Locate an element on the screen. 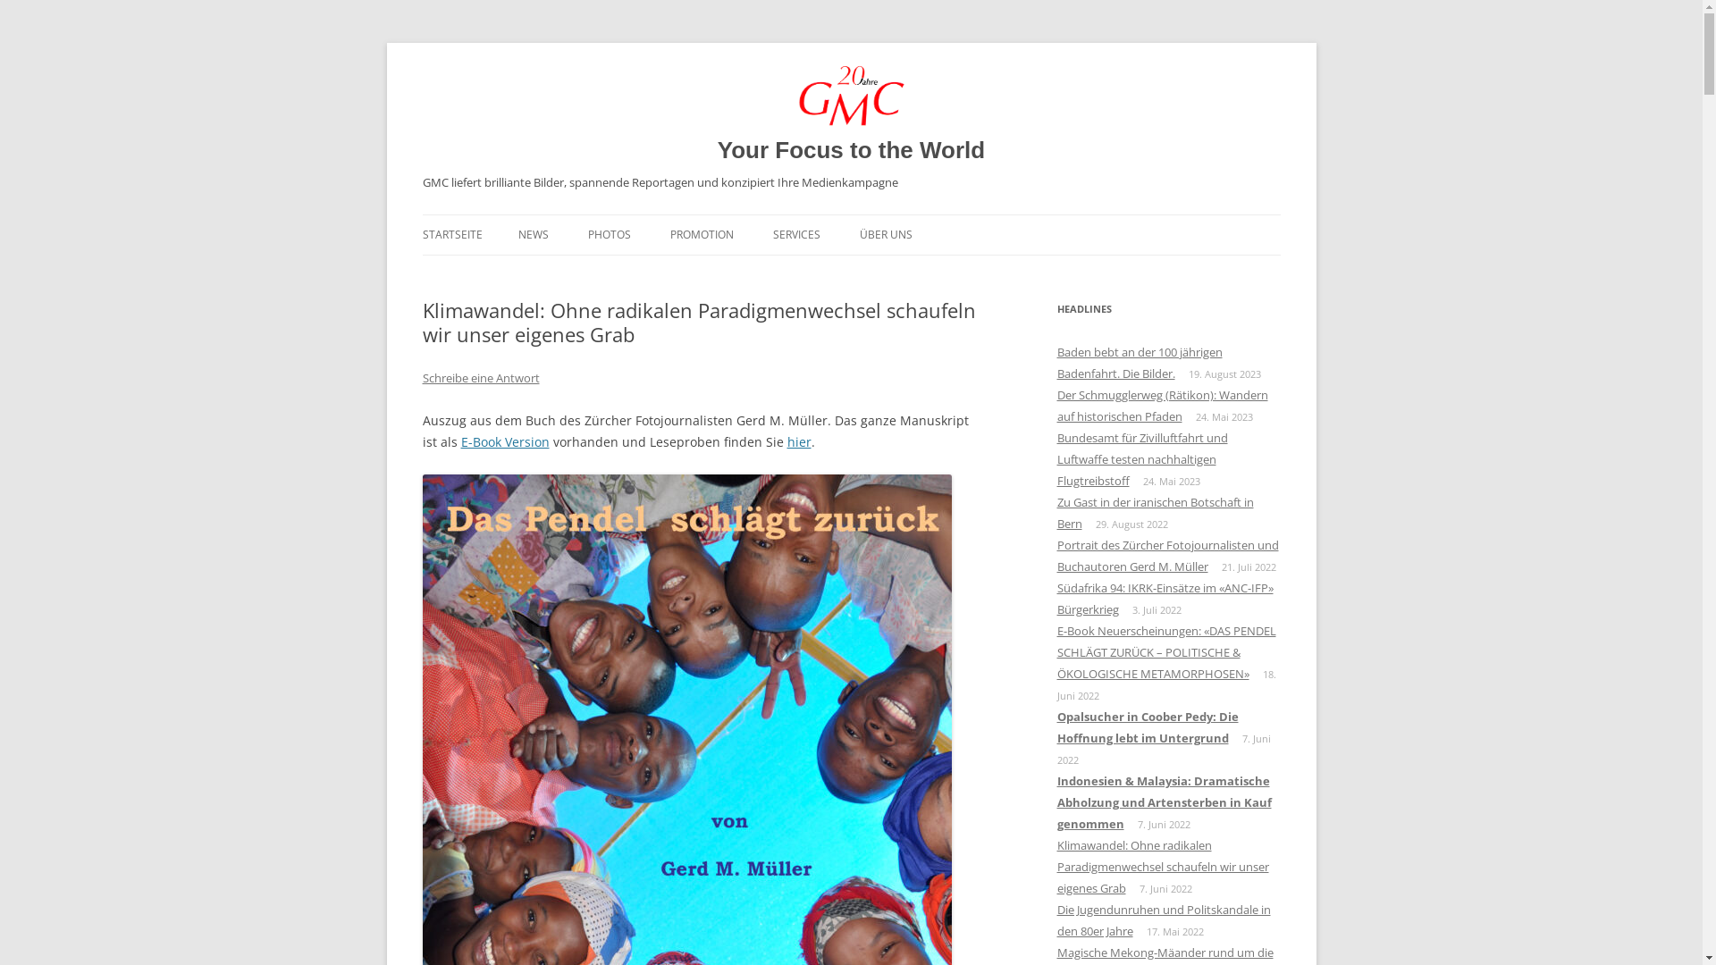 The height and width of the screenshot is (965, 1716). 'PHOTOS' is located at coordinates (609, 233).